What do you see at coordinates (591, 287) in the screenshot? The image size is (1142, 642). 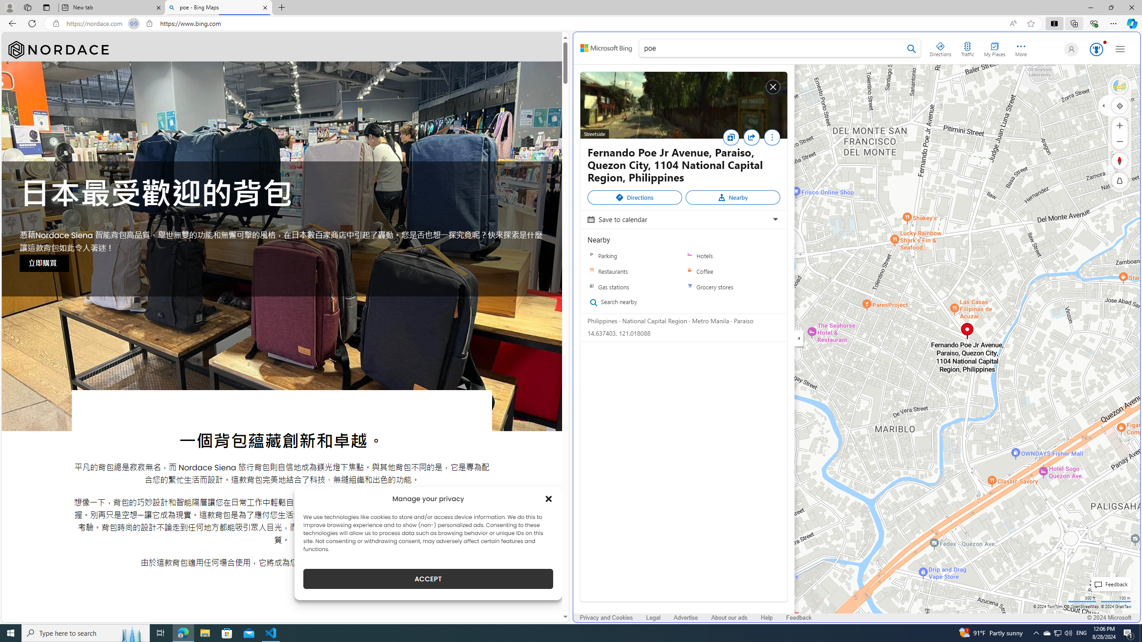 I see `'Gas stations'` at bounding box center [591, 287].